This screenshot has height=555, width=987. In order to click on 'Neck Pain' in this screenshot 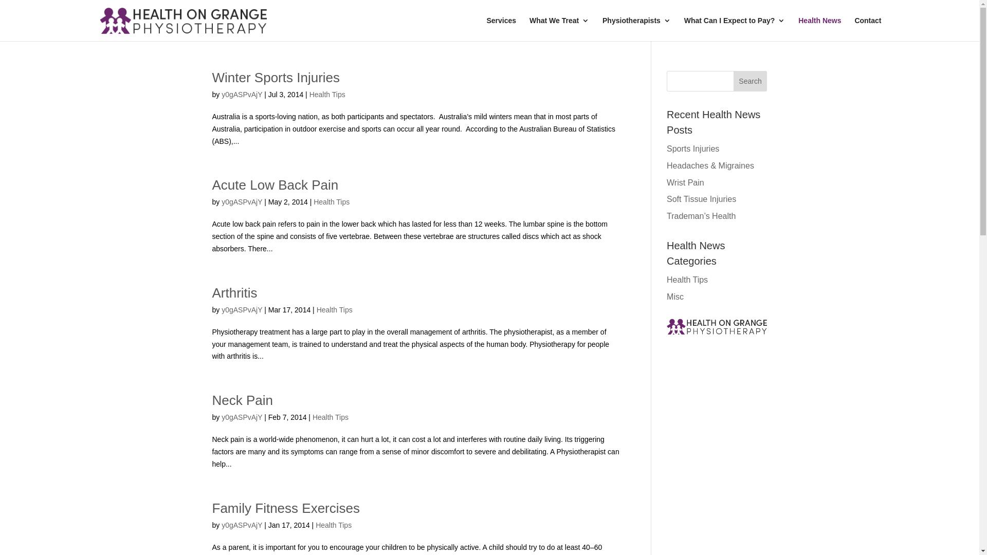, I will do `click(211, 400)`.